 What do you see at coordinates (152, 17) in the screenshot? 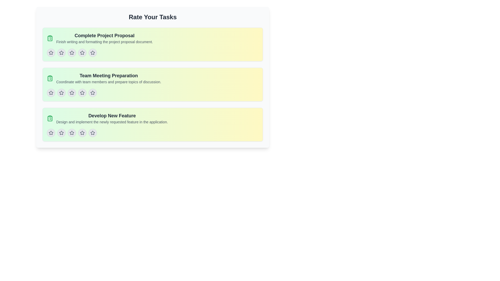
I see `the static text header that serves as a title for the task rating interface, located at the top of the content section` at bounding box center [152, 17].